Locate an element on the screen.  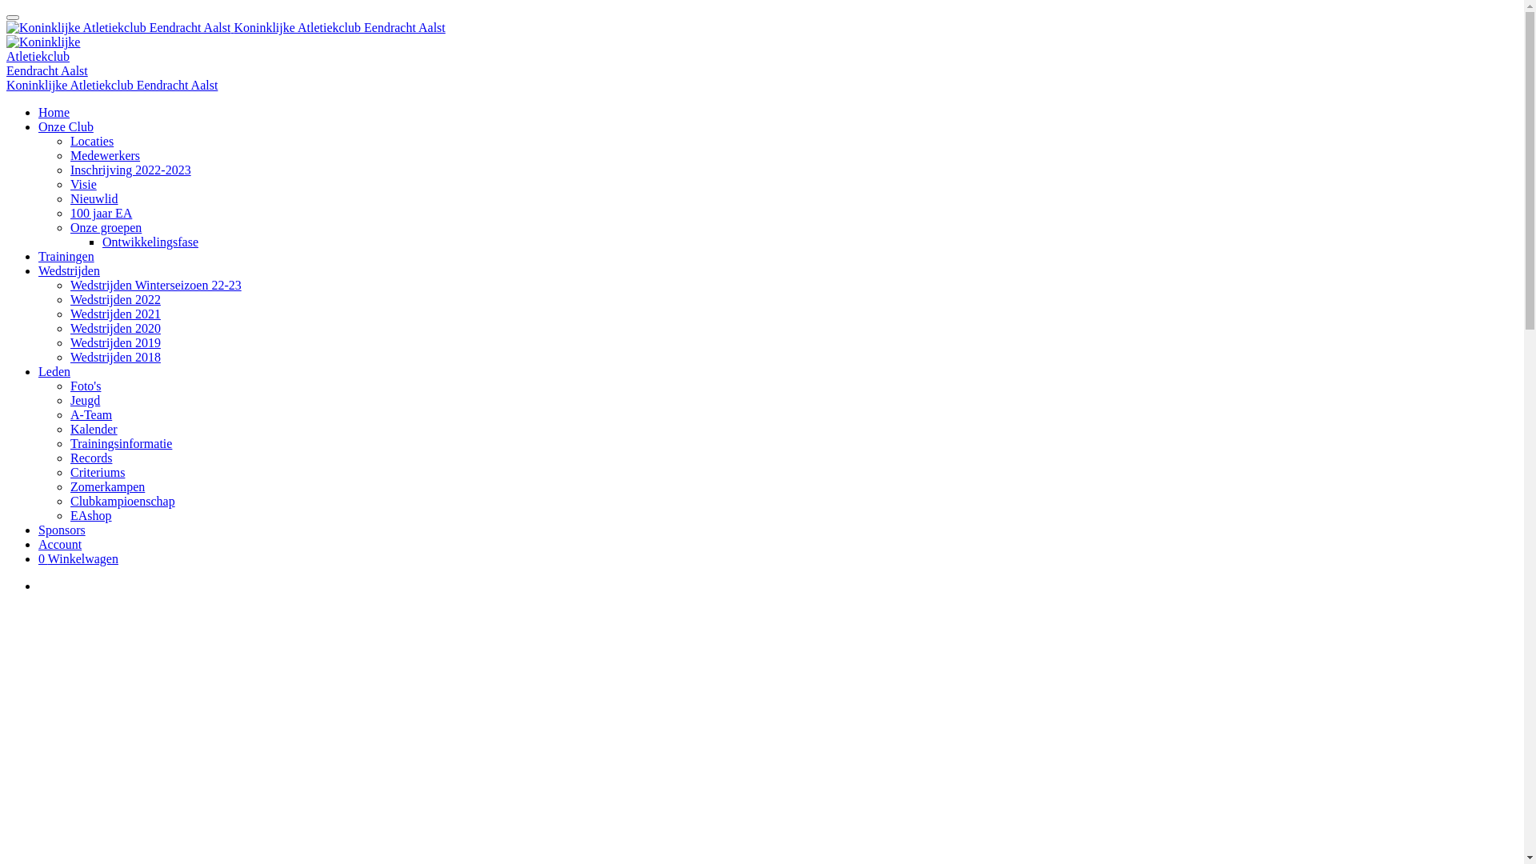
'Medewerkers' is located at coordinates (104, 155).